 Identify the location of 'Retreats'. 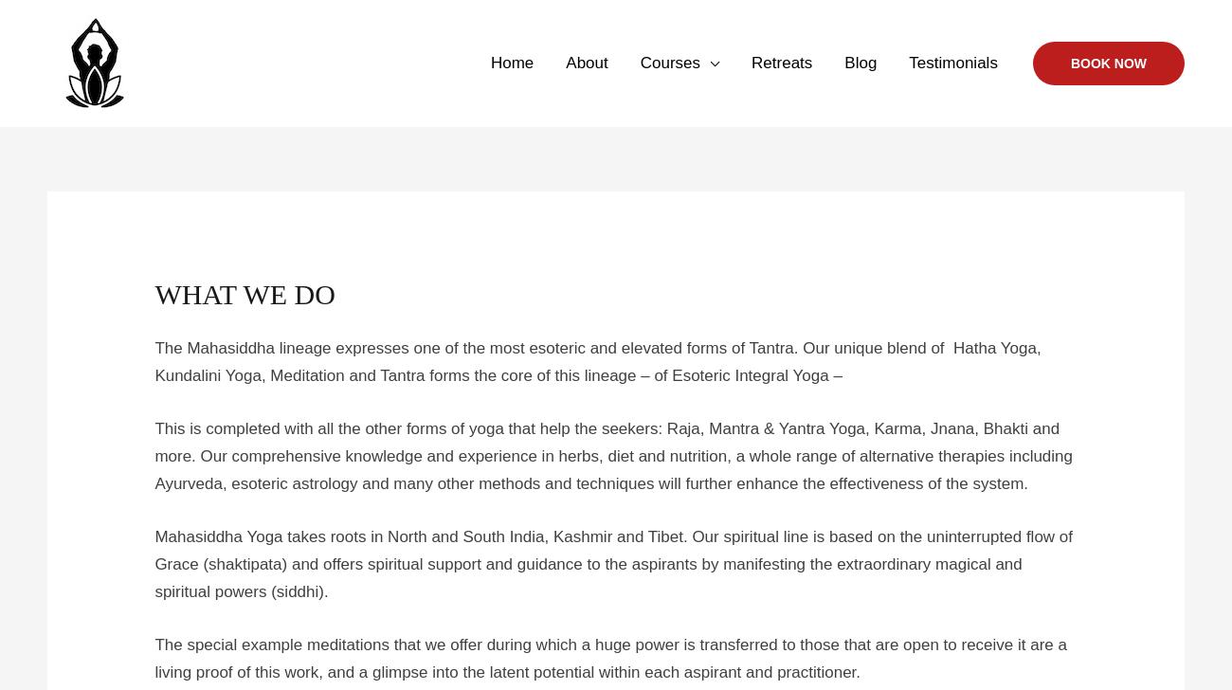
(751, 63).